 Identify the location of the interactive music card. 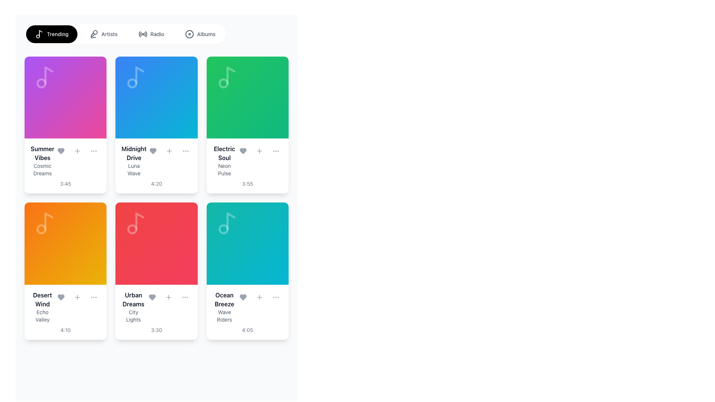
(247, 271).